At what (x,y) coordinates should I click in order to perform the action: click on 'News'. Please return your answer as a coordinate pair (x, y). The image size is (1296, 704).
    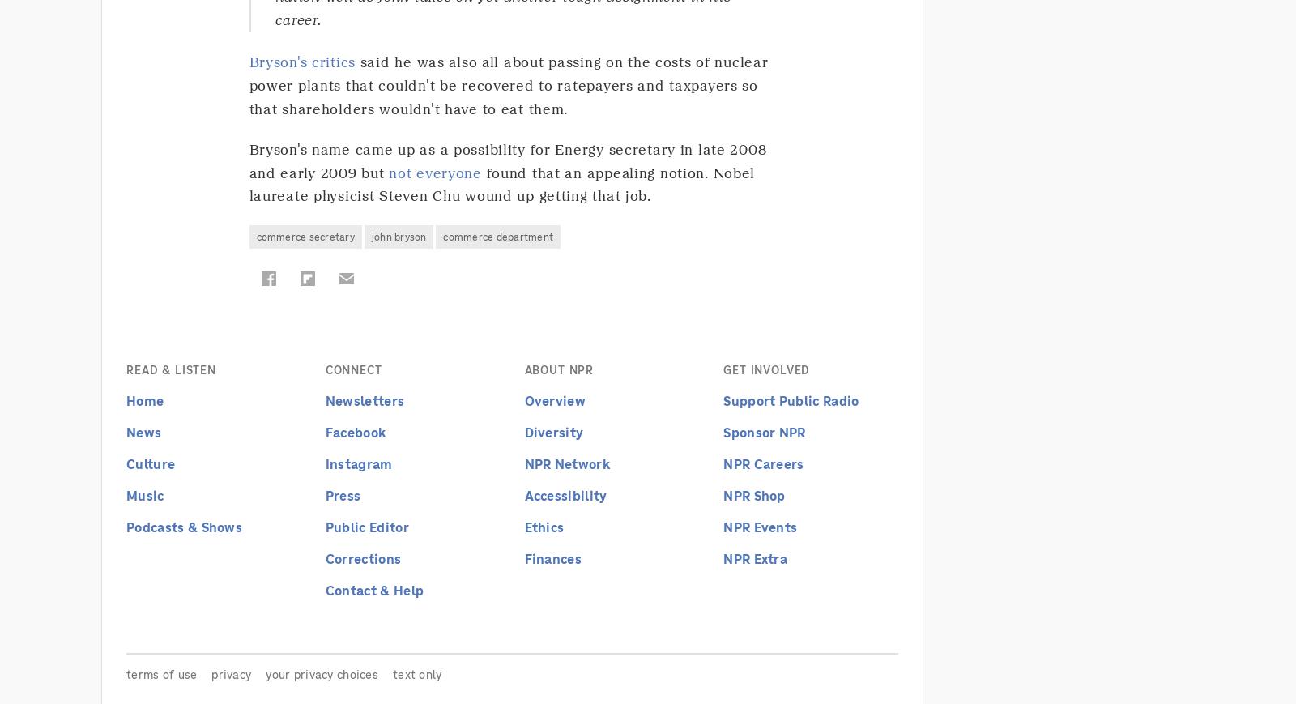
    Looking at the image, I should click on (143, 431).